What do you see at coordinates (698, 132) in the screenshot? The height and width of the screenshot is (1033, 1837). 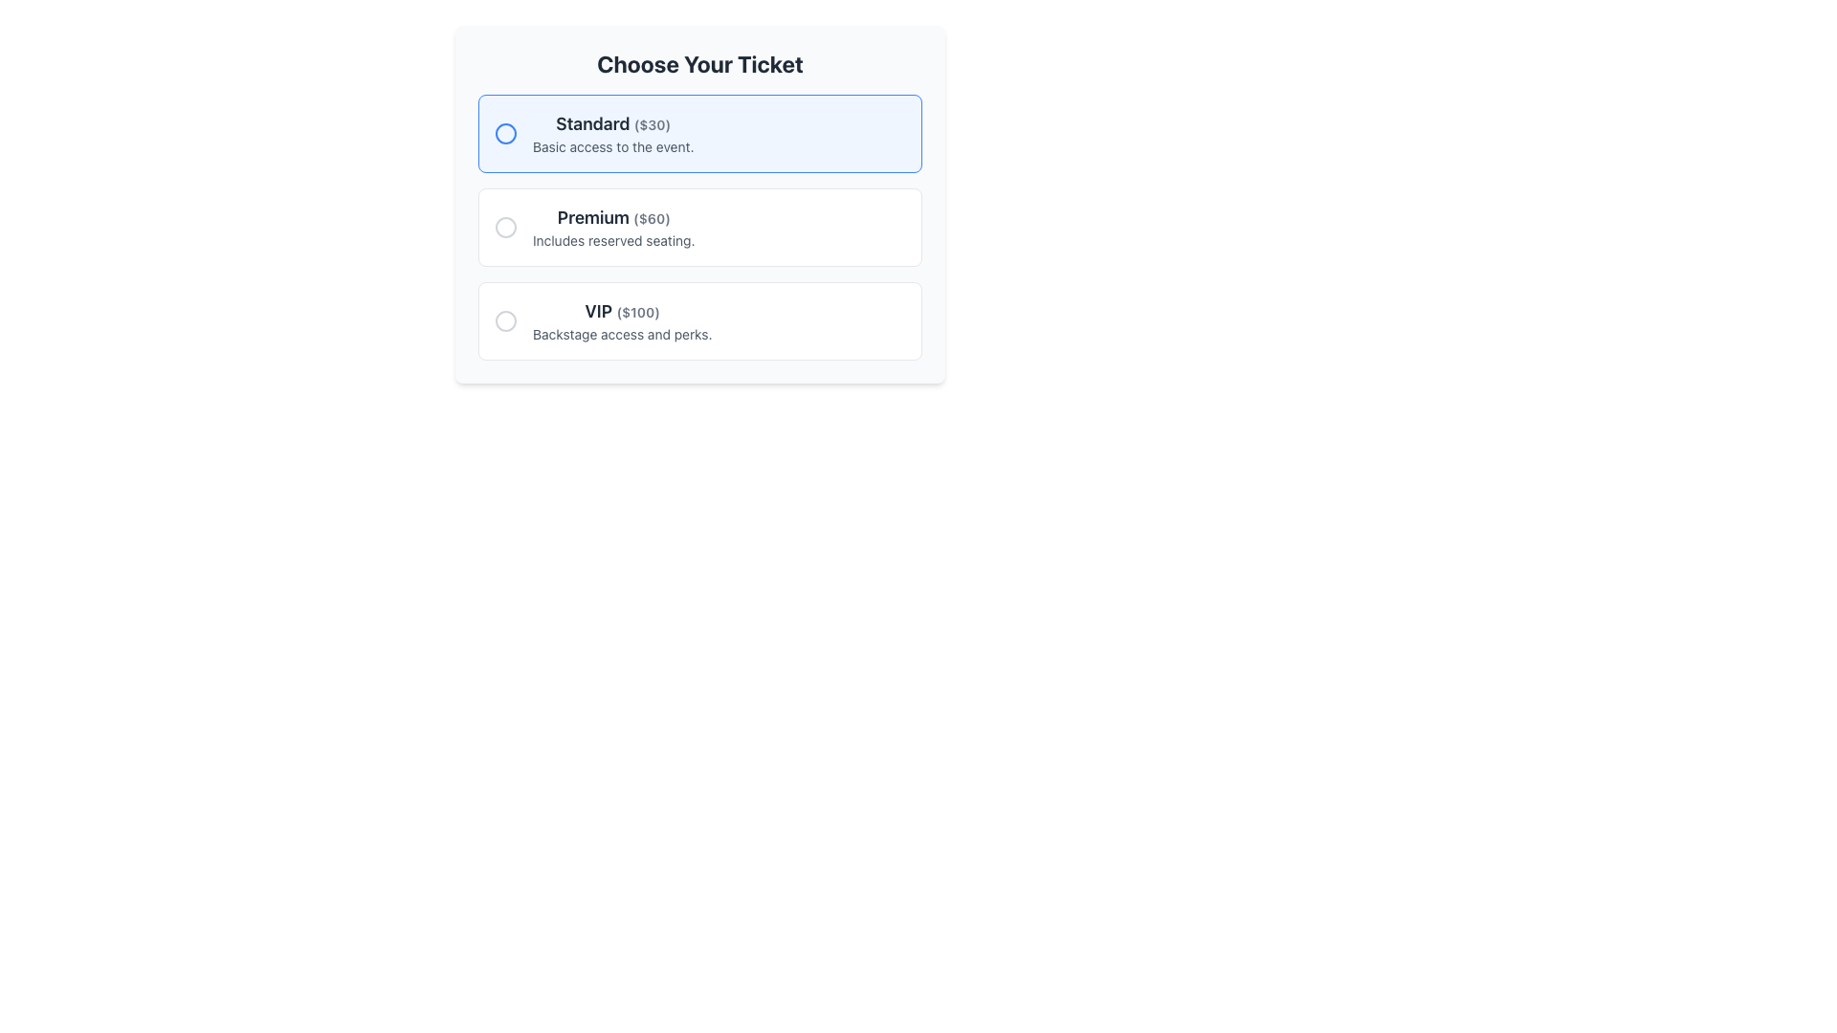 I see `the first selectable ticket option labeled 'Standard ($30)' with a light blue background and rounded corners` at bounding box center [698, 132].